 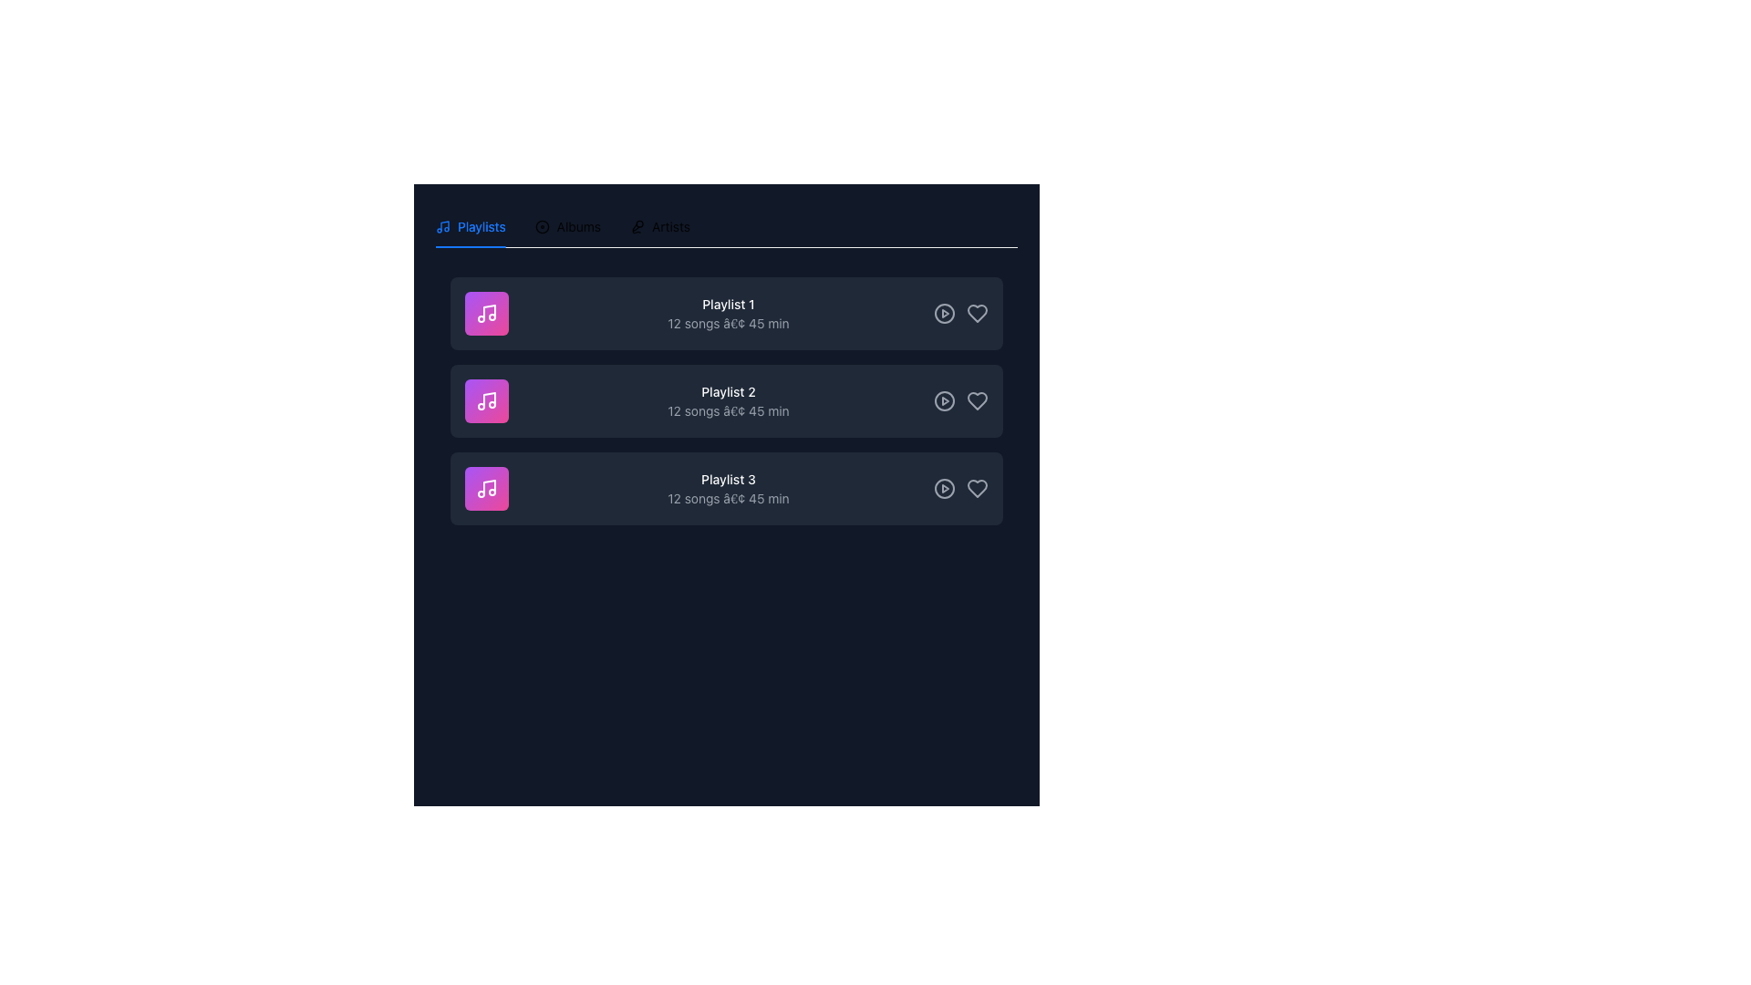 What do you see at coordinates (490, 486) in the screenshot?
I see `the vertical line of the music note icon, which is part of the playlist card in the leftmost region, featuring a bright pink background` at bounding box center [490, 486].